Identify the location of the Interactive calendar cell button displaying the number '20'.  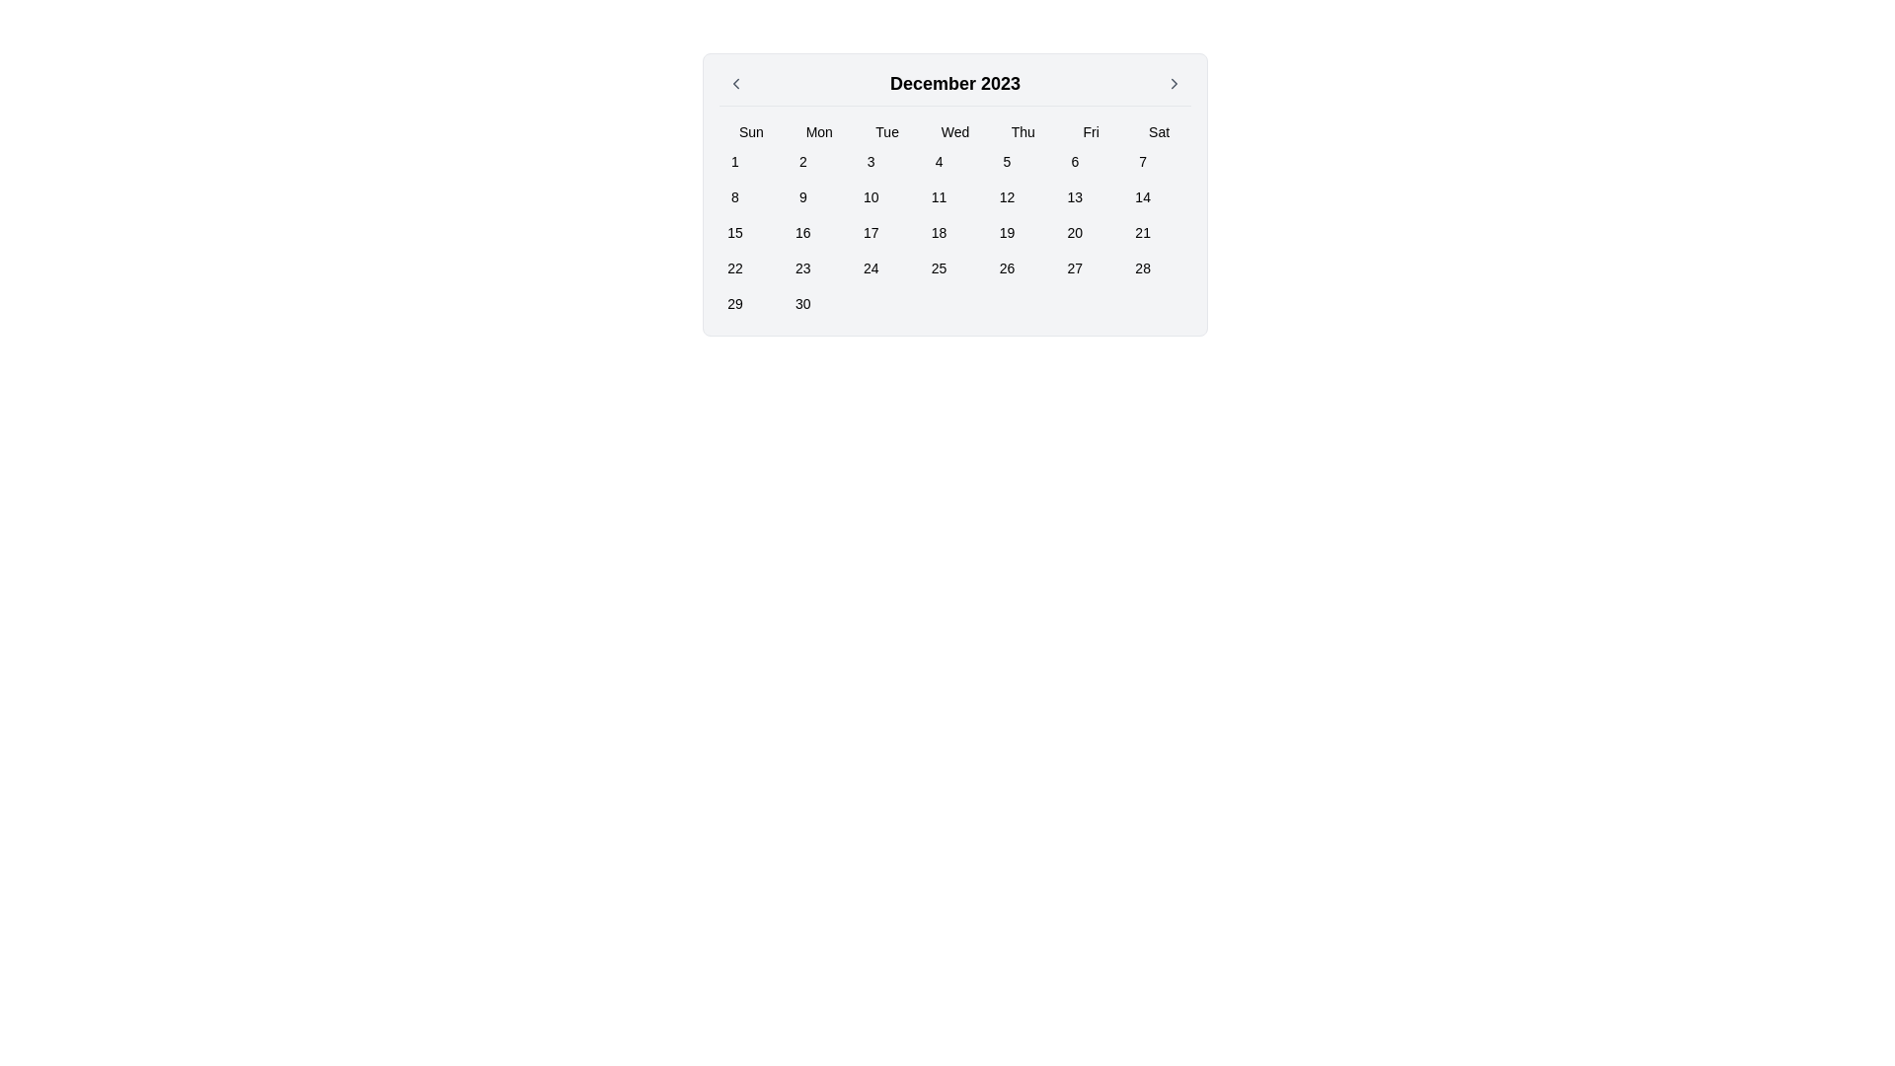
(1074, 231).